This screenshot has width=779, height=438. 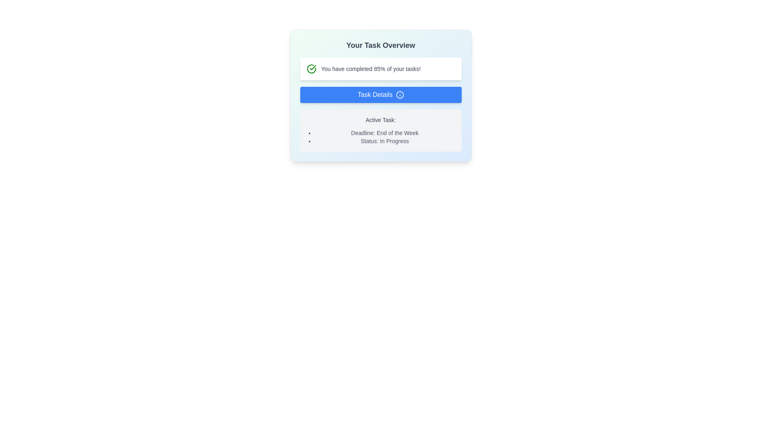 What do you see at coordinates (384, 140) in the screenshot?
I see `the text label that reads 'Status: In Progress', which is styled in gray and positioned under the heading 'Active Task' in a bulleted list` at bounding box center [384, 140].